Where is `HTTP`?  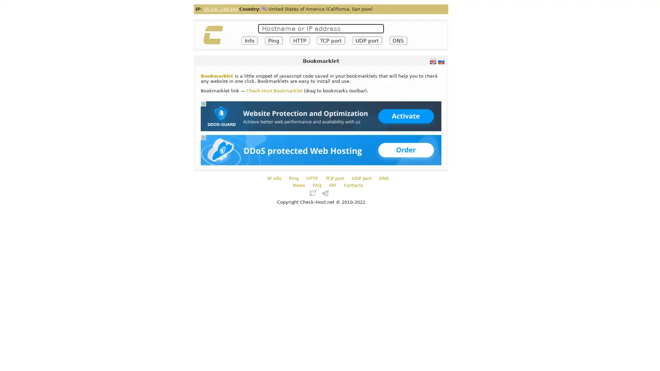 HTTP is located at coordinates (299, 41).